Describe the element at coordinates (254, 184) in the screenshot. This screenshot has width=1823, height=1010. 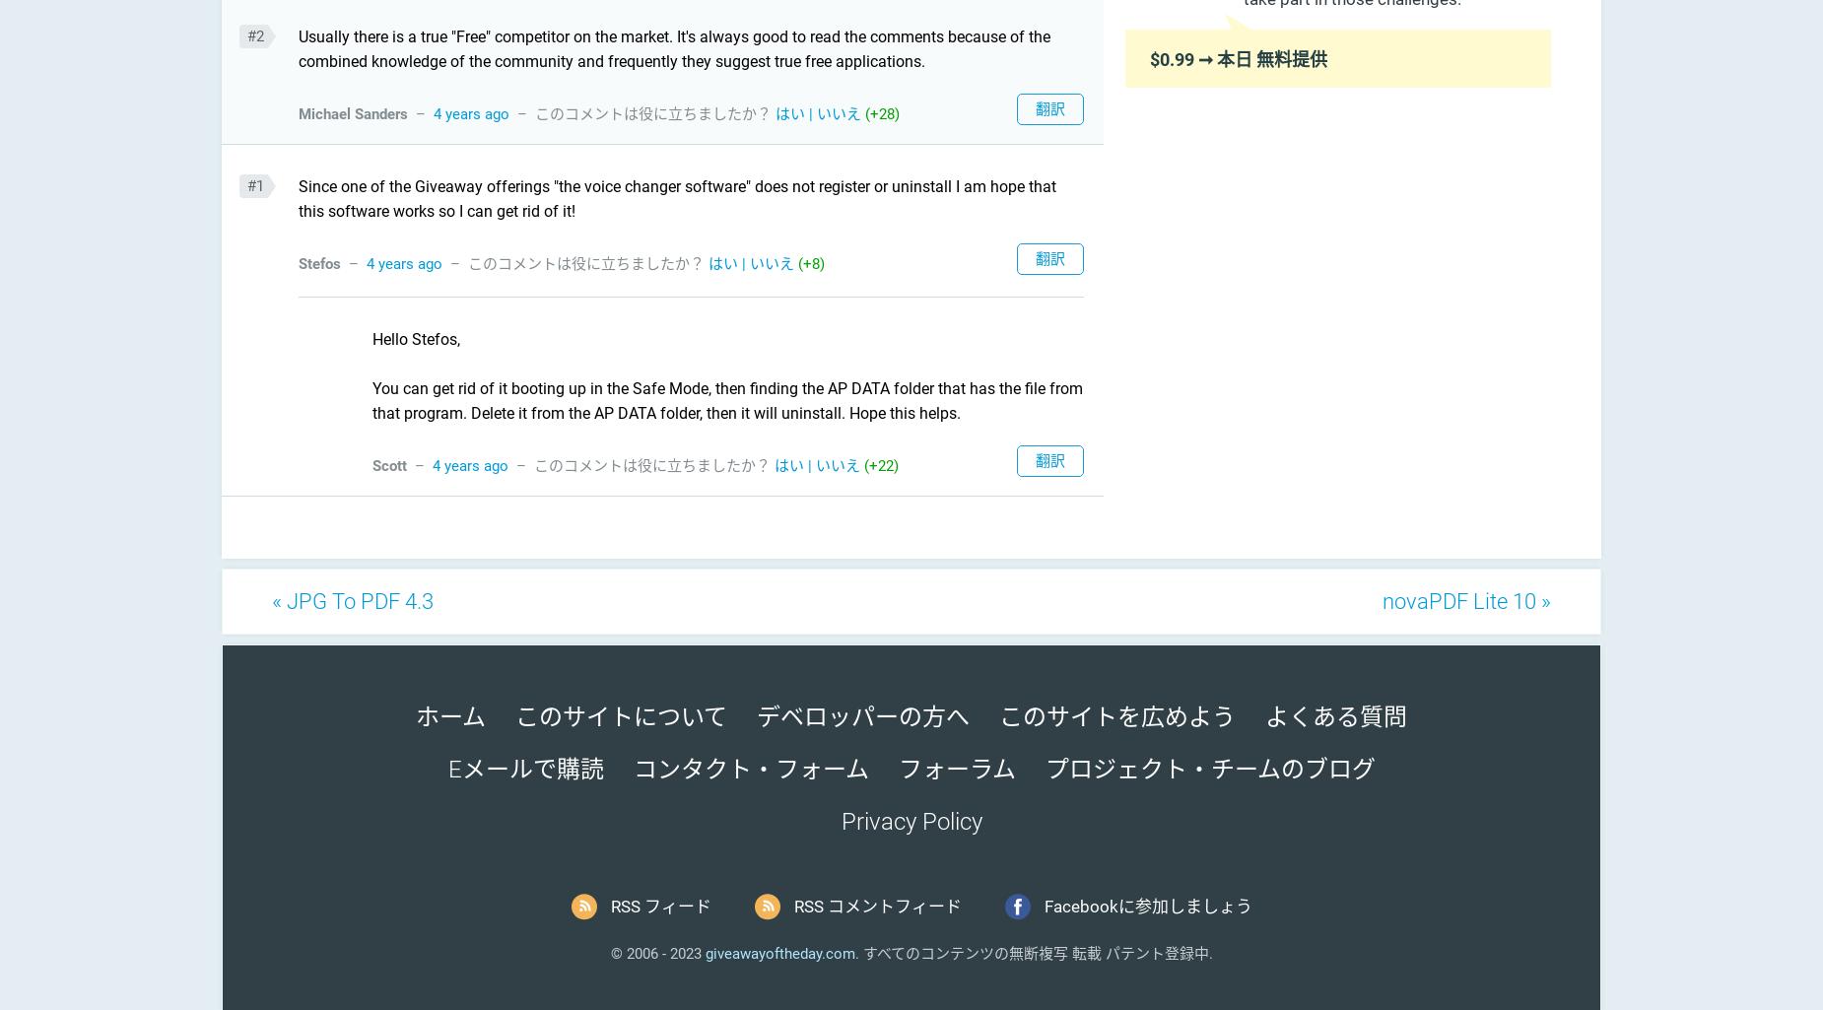
I see `'#1'` at that location.